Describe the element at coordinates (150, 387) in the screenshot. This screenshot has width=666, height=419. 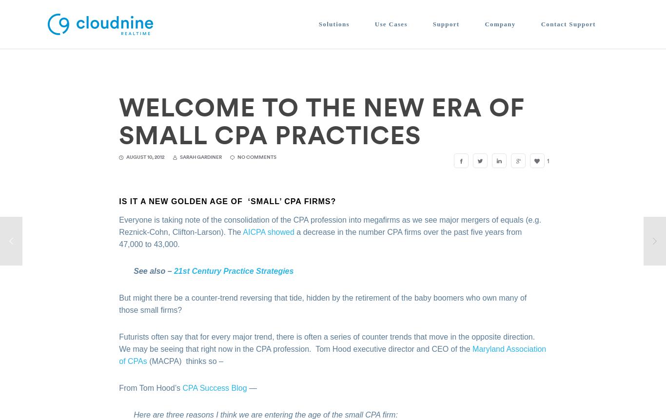
I see `'From Tom Hood’s'` at that location.